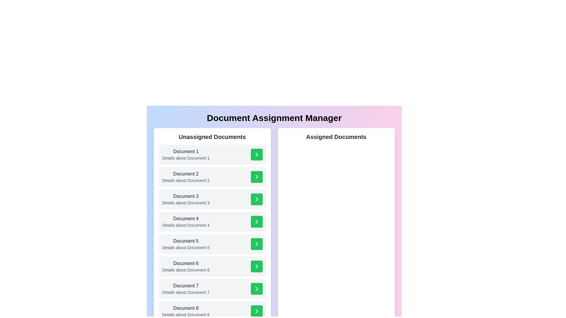  What do you see at coordinates (185, 196) in the screenshot?
I see `the heading label for the third item in the 'Unassigned Documents' section, which is located directly above 'Details about Document 3'` at bounding box center [185, 196].